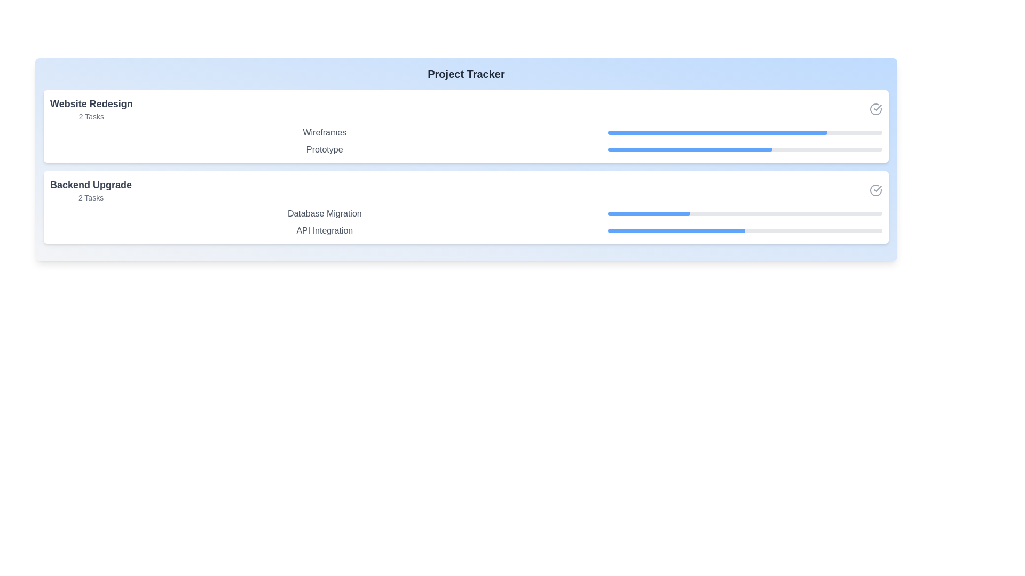  I want to click on the enclosing area of the circular outline icon with a checkmark inside, located in the top-right corner of the task card for 'Website Redesign', so click(876, 109).